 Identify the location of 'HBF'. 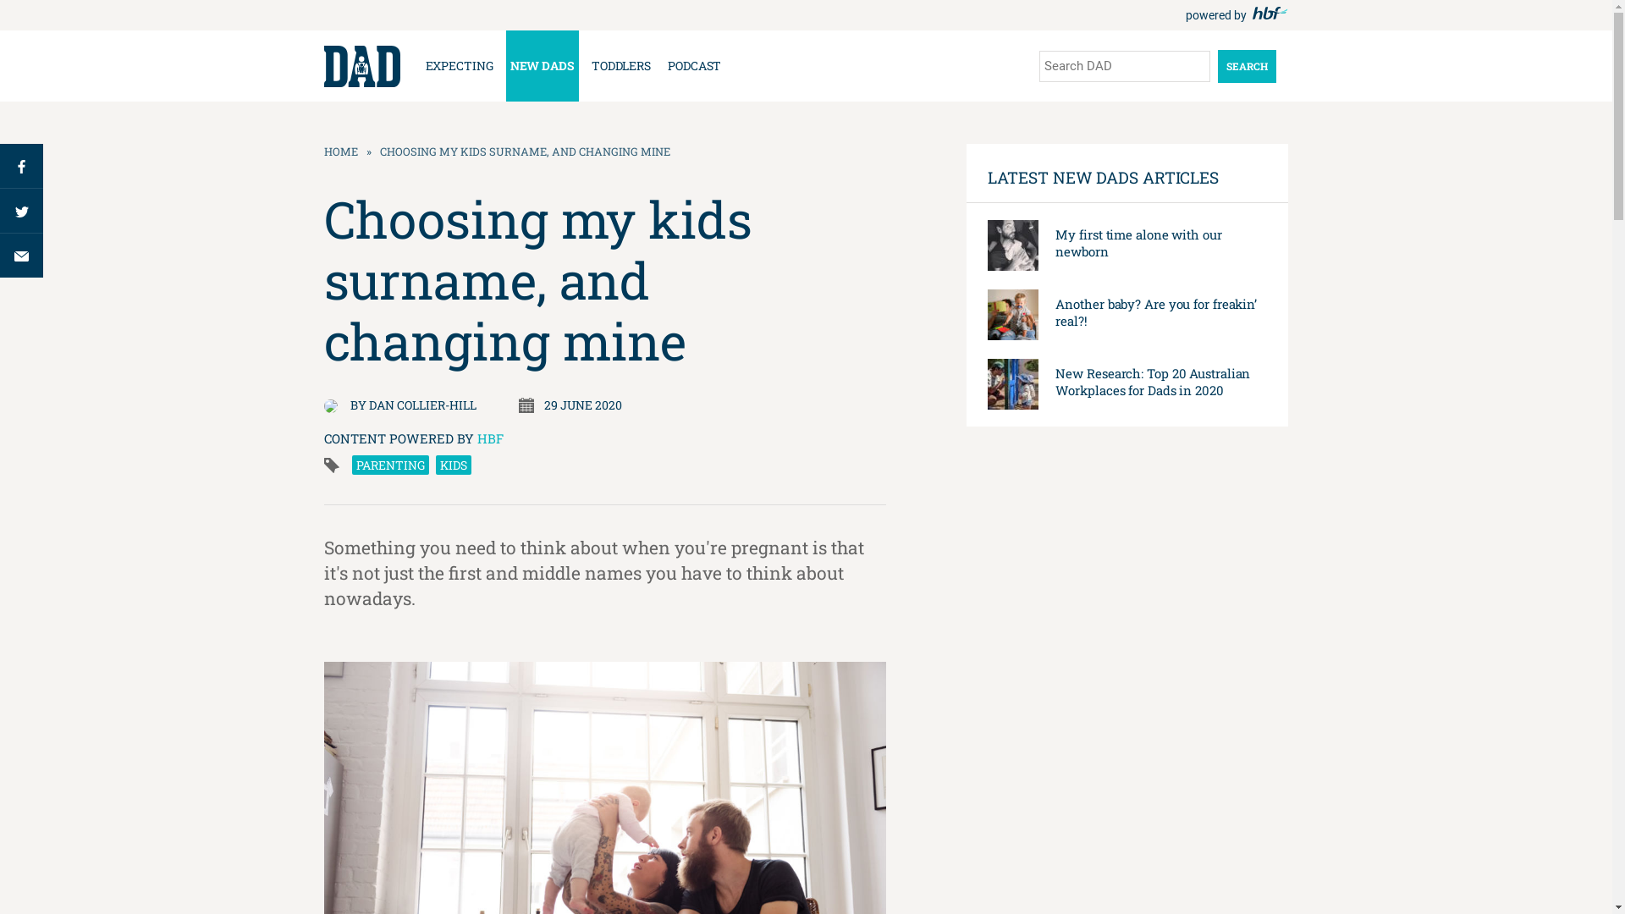
(489, 437).